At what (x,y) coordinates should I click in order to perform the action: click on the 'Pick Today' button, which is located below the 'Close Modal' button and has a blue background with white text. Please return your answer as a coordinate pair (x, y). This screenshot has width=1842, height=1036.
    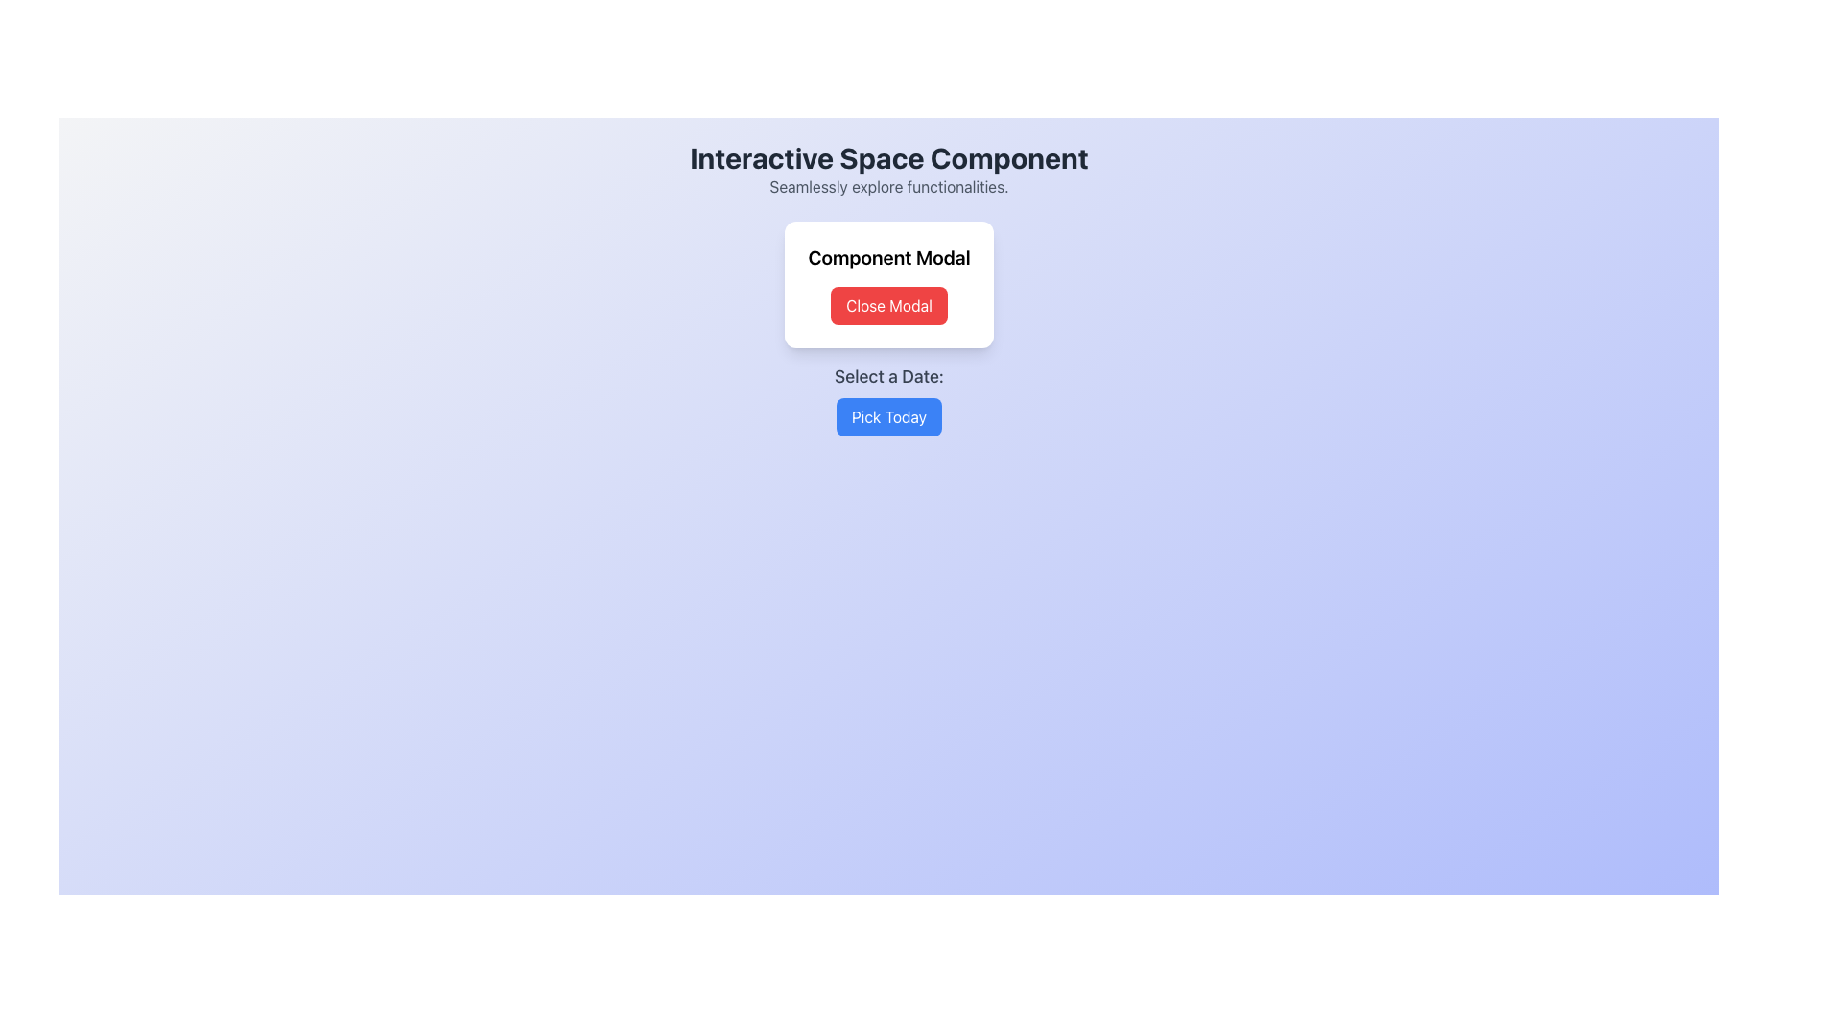
    Looking at the image, I should click on (887, 398).